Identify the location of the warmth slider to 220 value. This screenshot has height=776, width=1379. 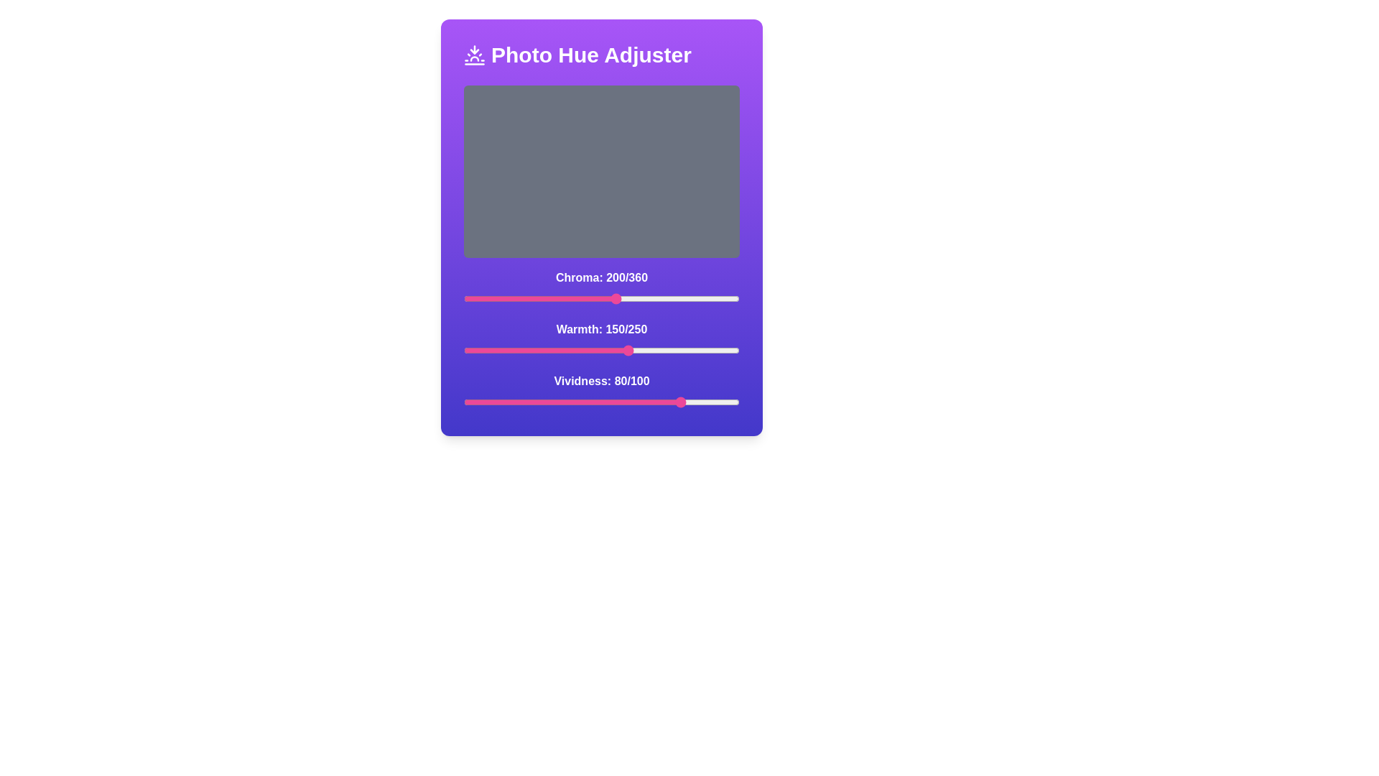
(706, 351).